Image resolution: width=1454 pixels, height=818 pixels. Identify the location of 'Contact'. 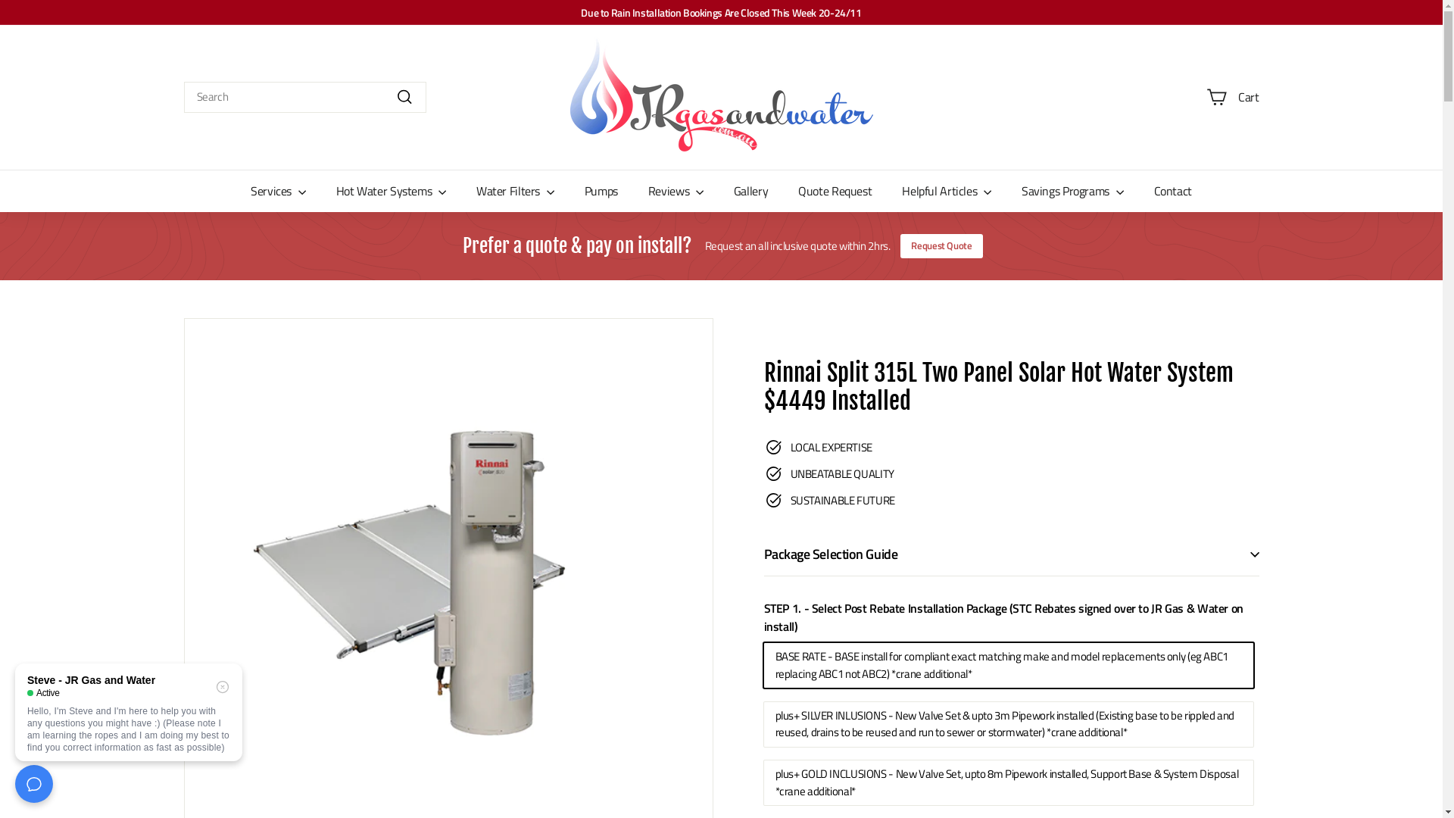
(1172, 189).